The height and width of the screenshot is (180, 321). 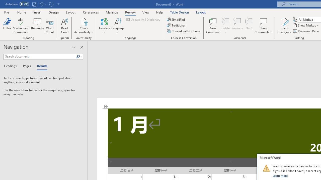 What do you see at coordinates (82, 47) in the screenshot?
I see `'Close pane'` at bounding box center [82, 47].